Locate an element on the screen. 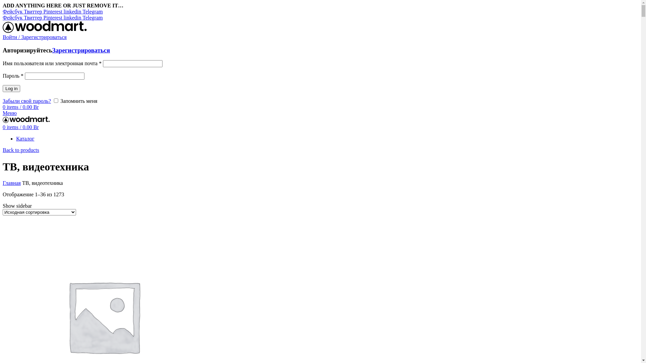  'linkedin' is located at coordinates (73, 11).